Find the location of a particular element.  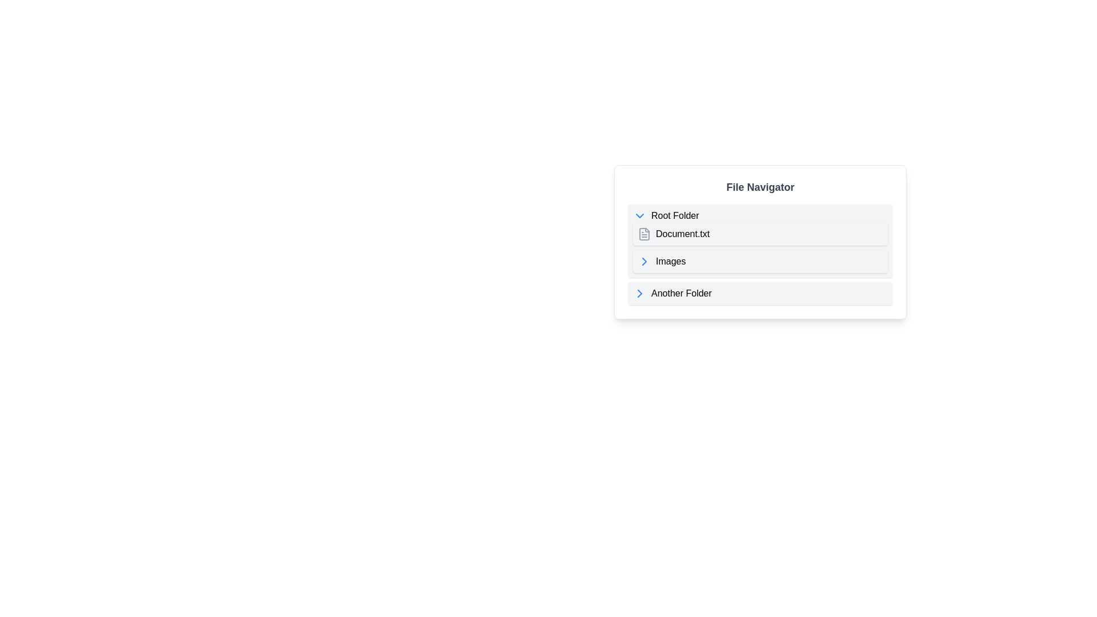

the expandable icon indicating the 'Images' folder is located at coordinates (644, 262).